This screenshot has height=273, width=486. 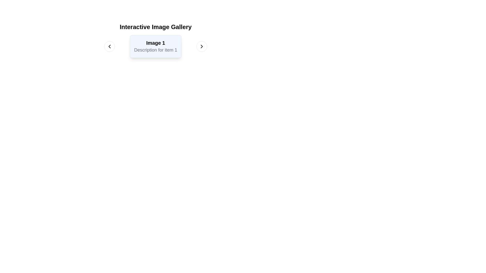 I want to click on the leftward pointing chevron arrow icon within the SVG, so click(x=109, y=47).